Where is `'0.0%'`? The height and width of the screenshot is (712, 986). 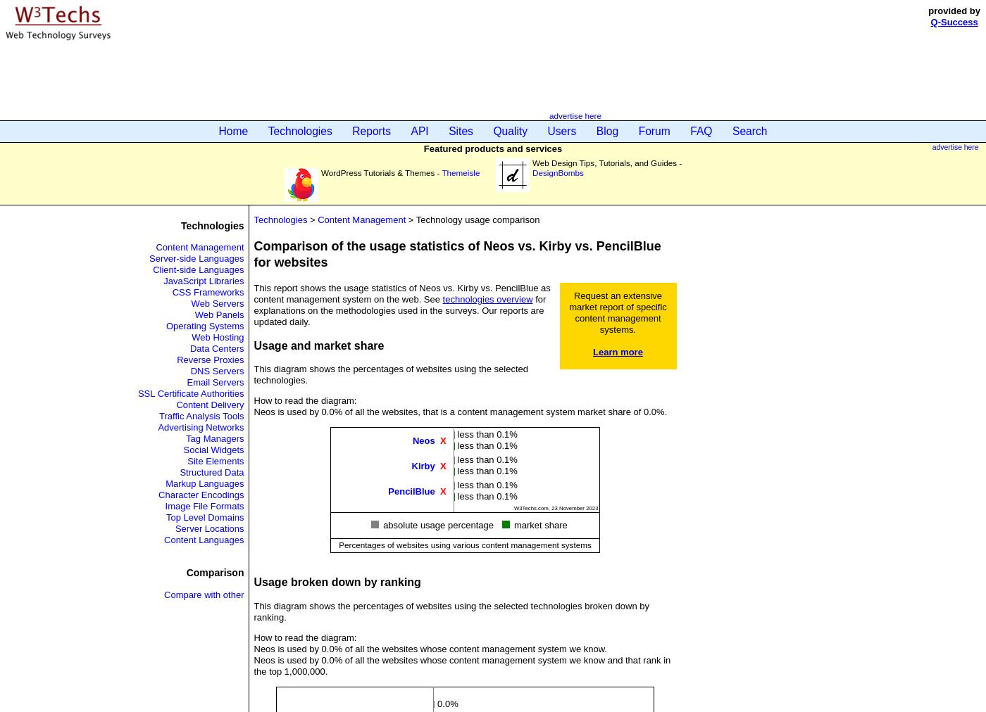 '0.0%' is located at coordinates (447, 703).